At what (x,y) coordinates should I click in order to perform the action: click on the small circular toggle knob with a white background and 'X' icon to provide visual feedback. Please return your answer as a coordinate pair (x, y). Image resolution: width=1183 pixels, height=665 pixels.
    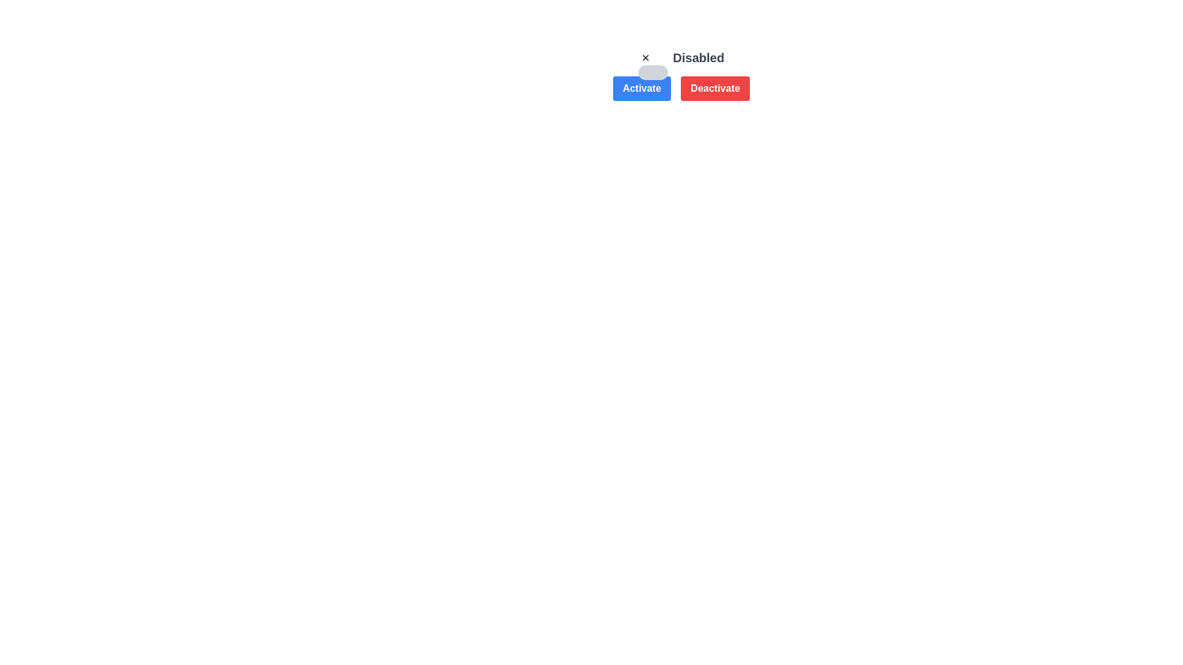
    Looking at the image, I should click on (645, 57).